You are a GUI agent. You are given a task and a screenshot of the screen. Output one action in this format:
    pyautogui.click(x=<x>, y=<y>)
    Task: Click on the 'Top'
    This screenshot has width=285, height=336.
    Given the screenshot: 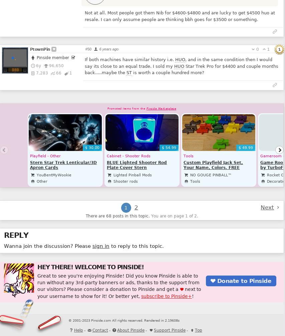 What is the action you would take?
    pyautogui.click(x=195, y=329)
    